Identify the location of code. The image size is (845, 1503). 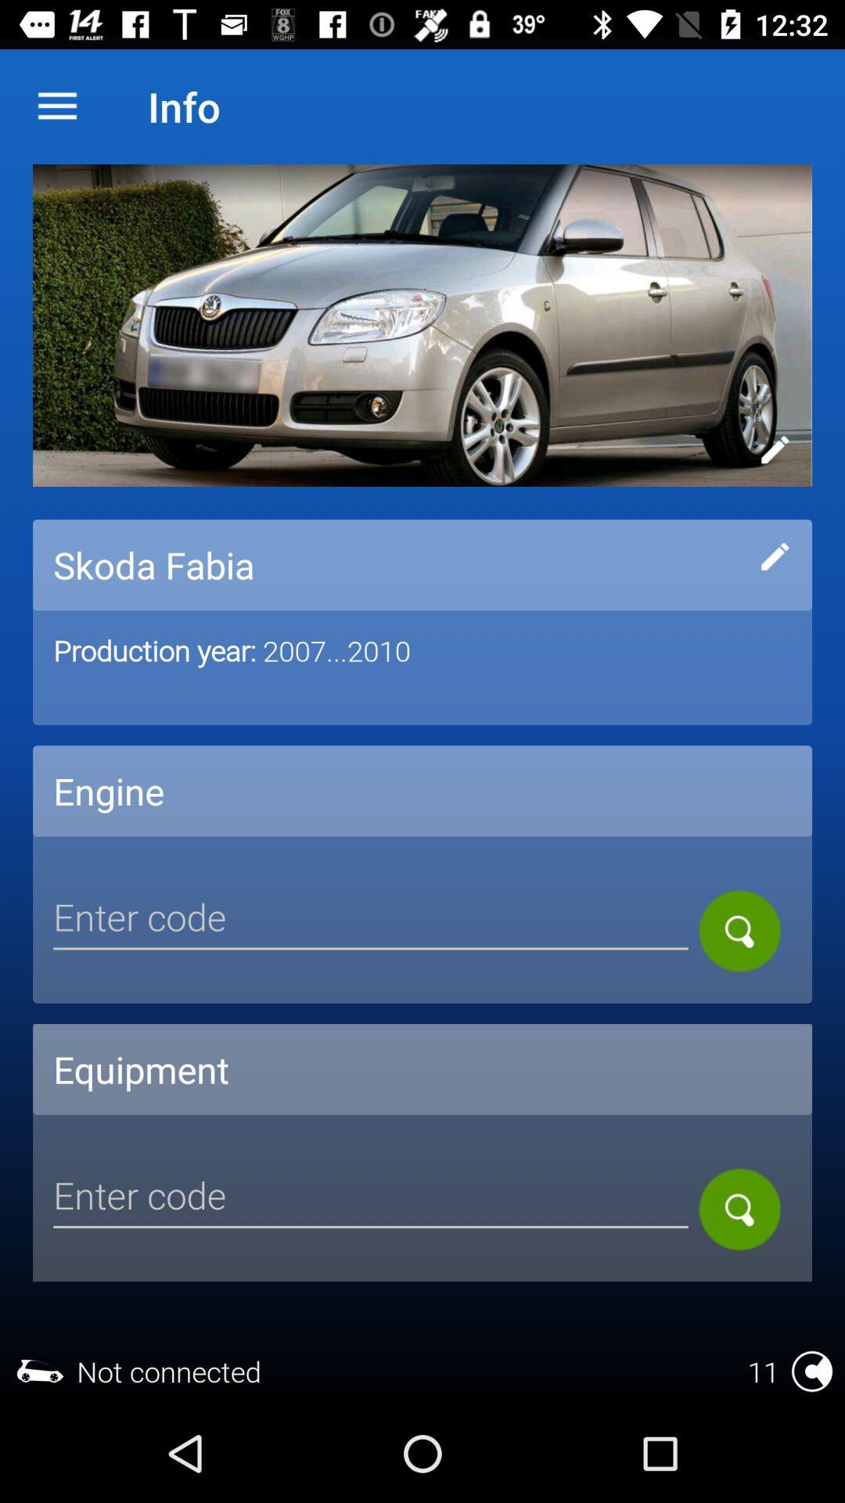
(371, 1197).